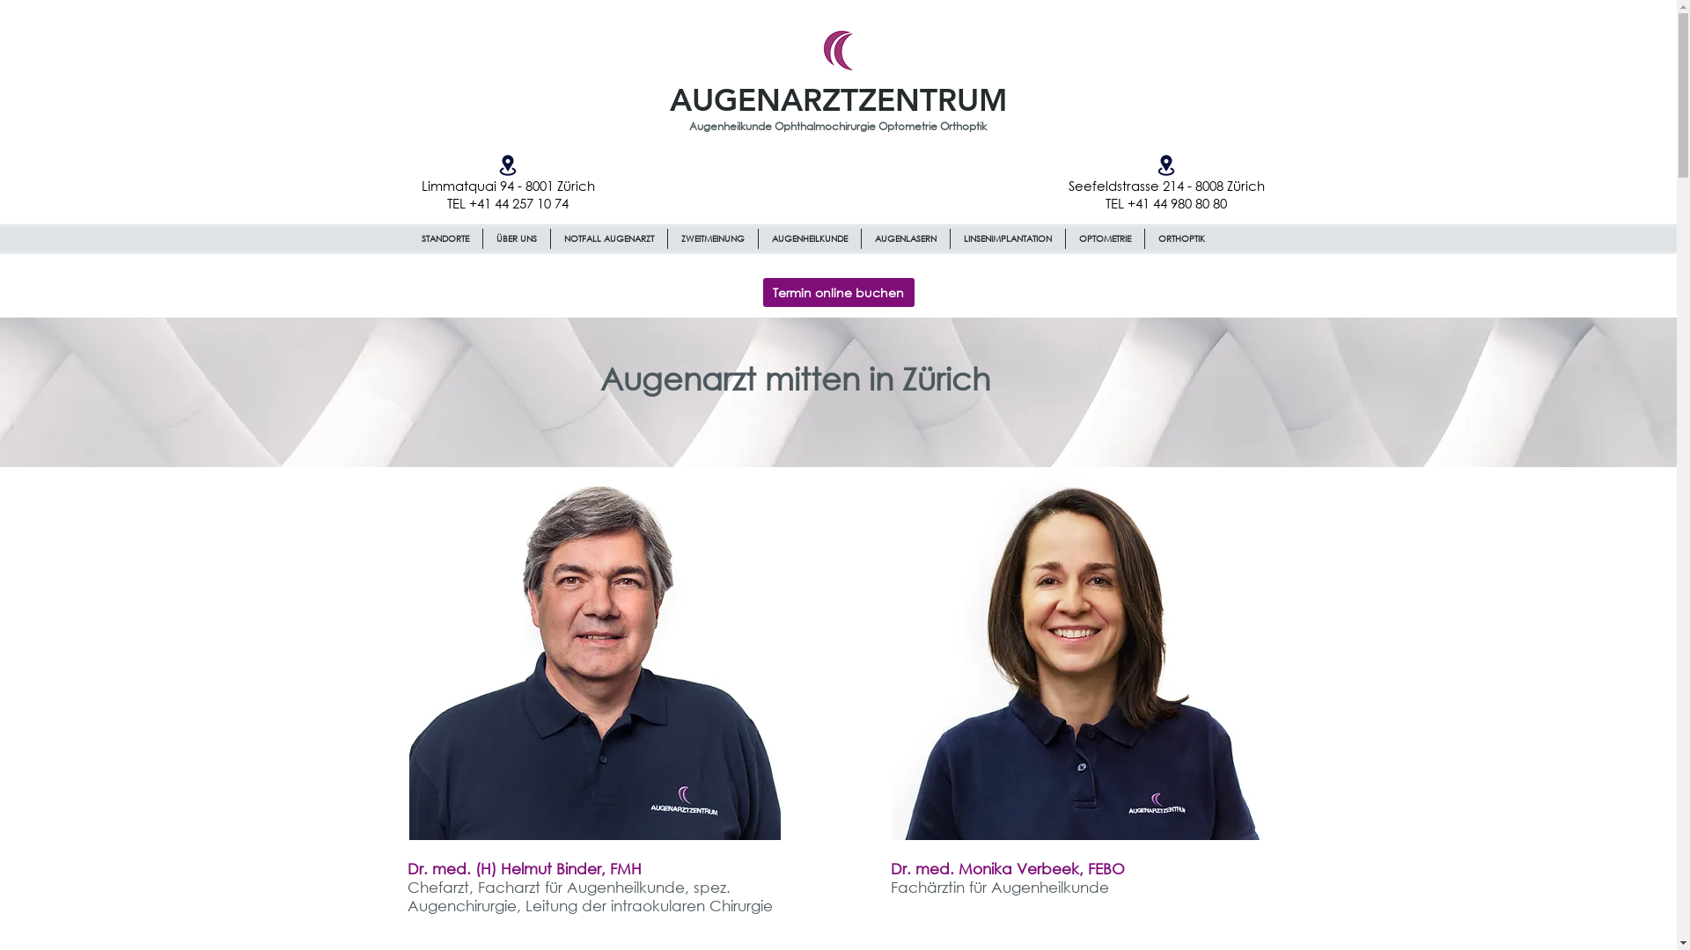 Image resolution: width=1690 pixels, height=950 pixels. I want to click on 'TEL +41 44 257 10 74', so click(506, 203).